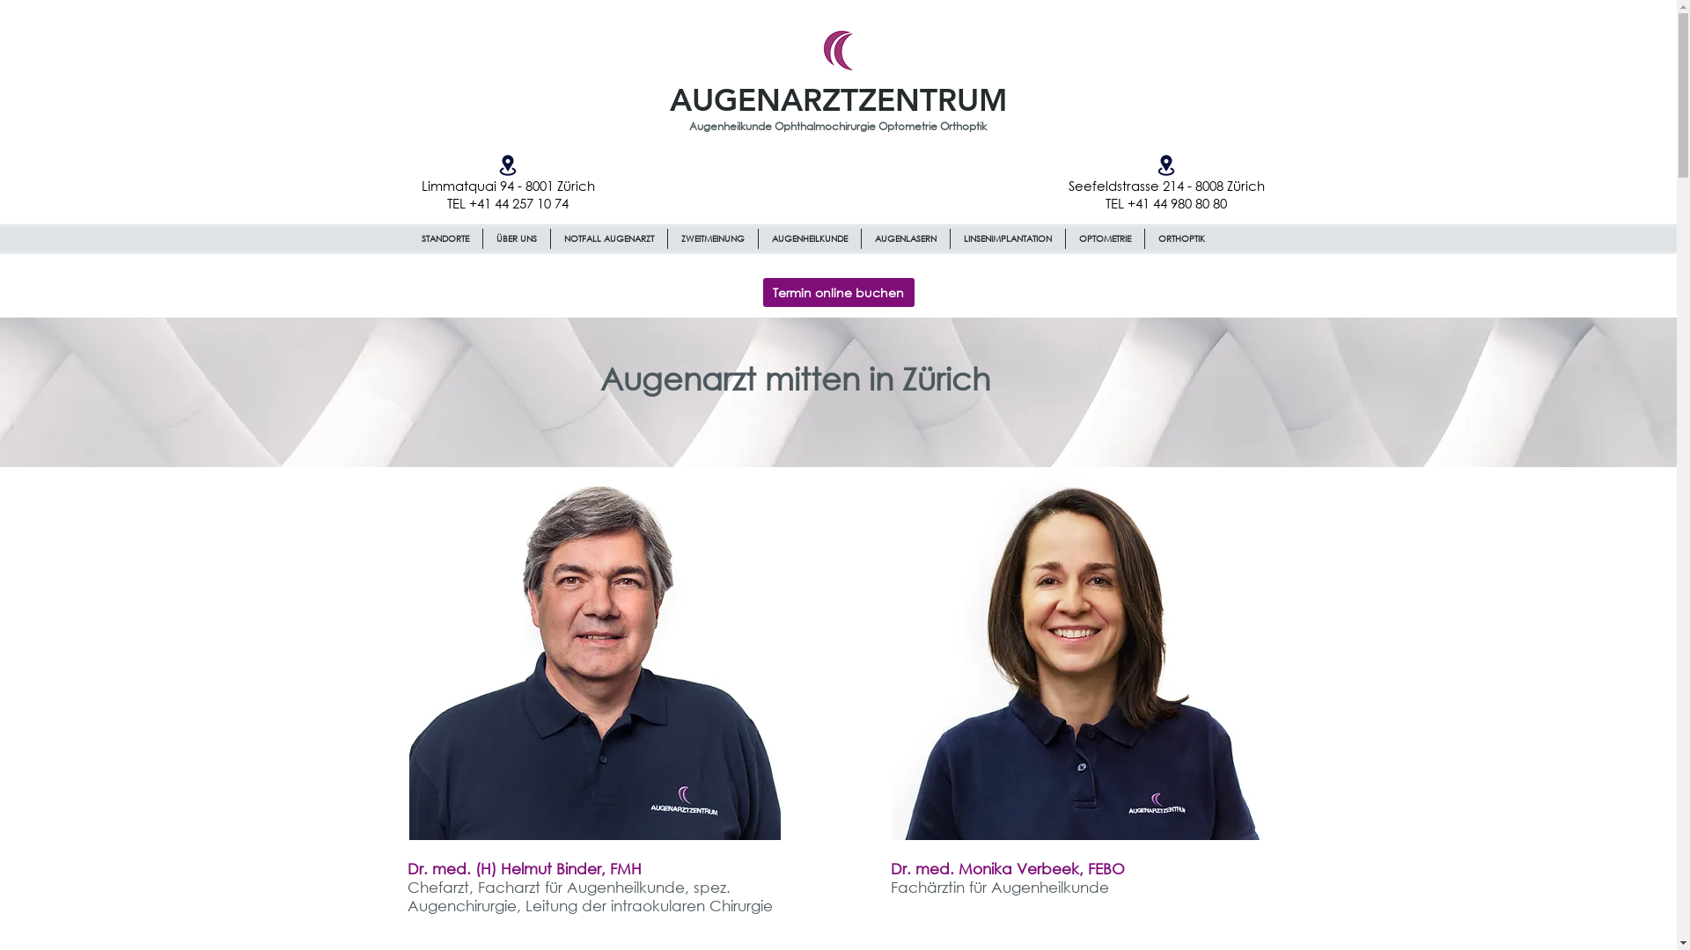 Image resolution: width=1690 pixels, height=950 pixels. I want to click on 'TEL +41 44 257 10 74', so click(506, 203).